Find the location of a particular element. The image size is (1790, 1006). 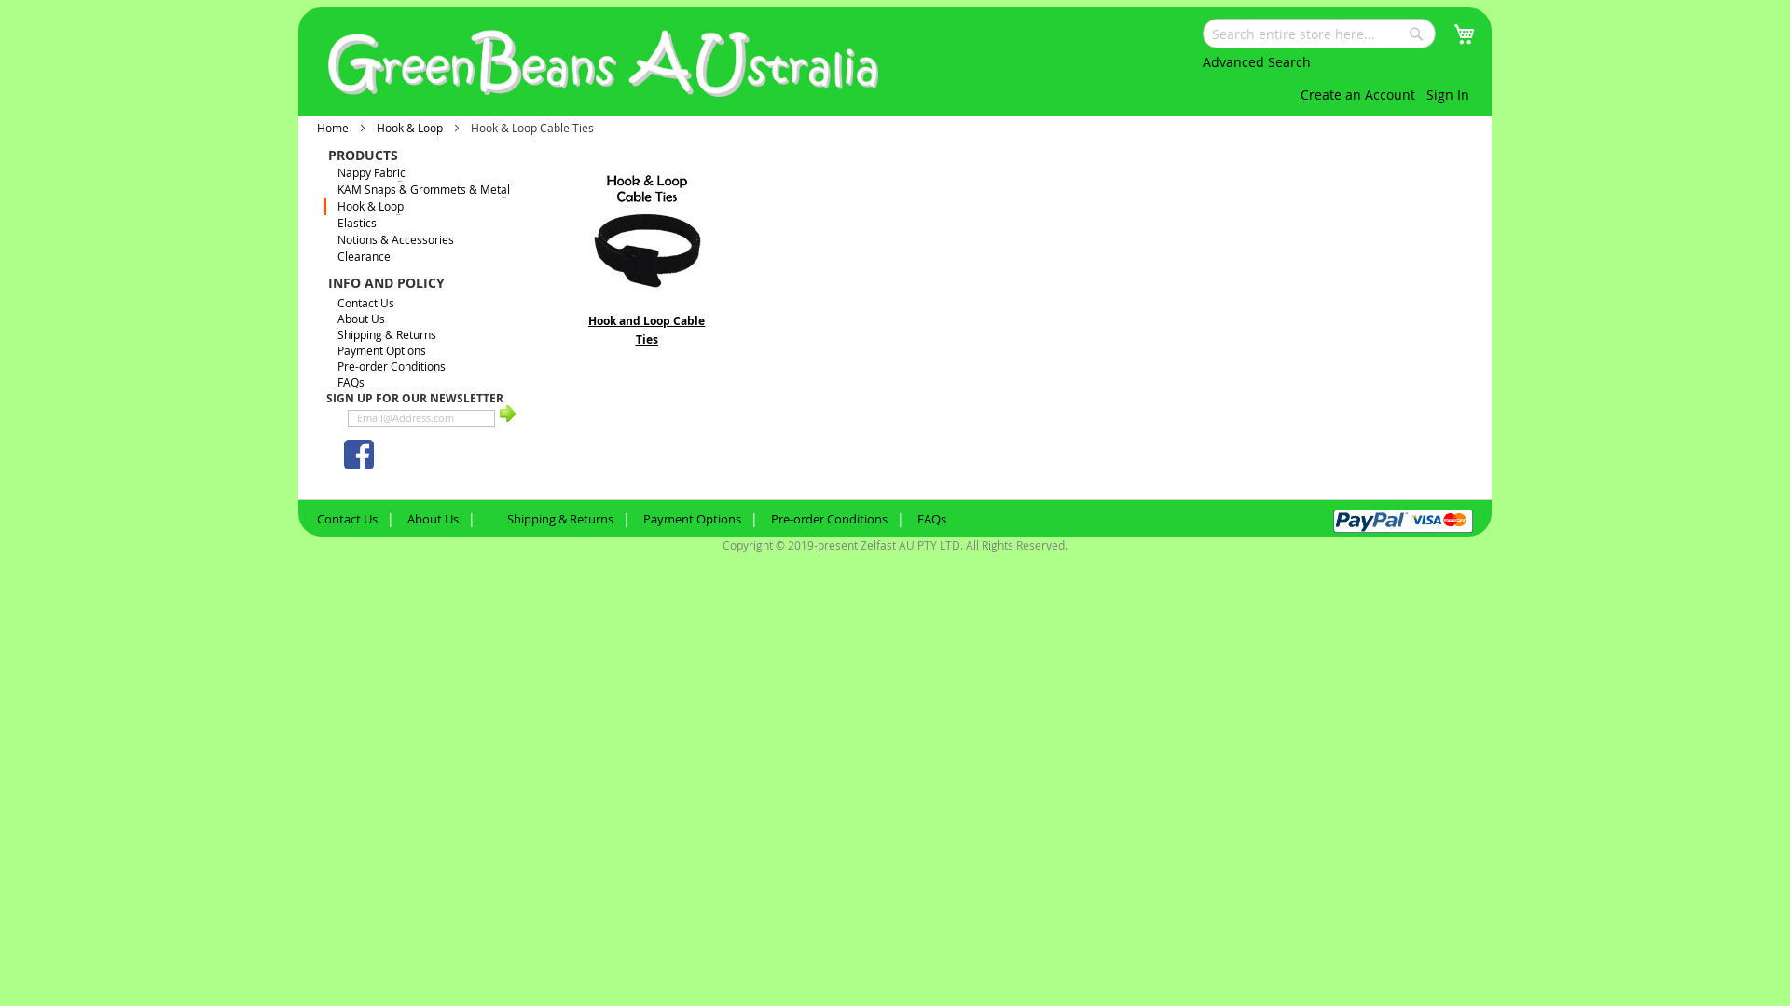

'GreenBeans Facebook' is located at coordinates (358, 455).